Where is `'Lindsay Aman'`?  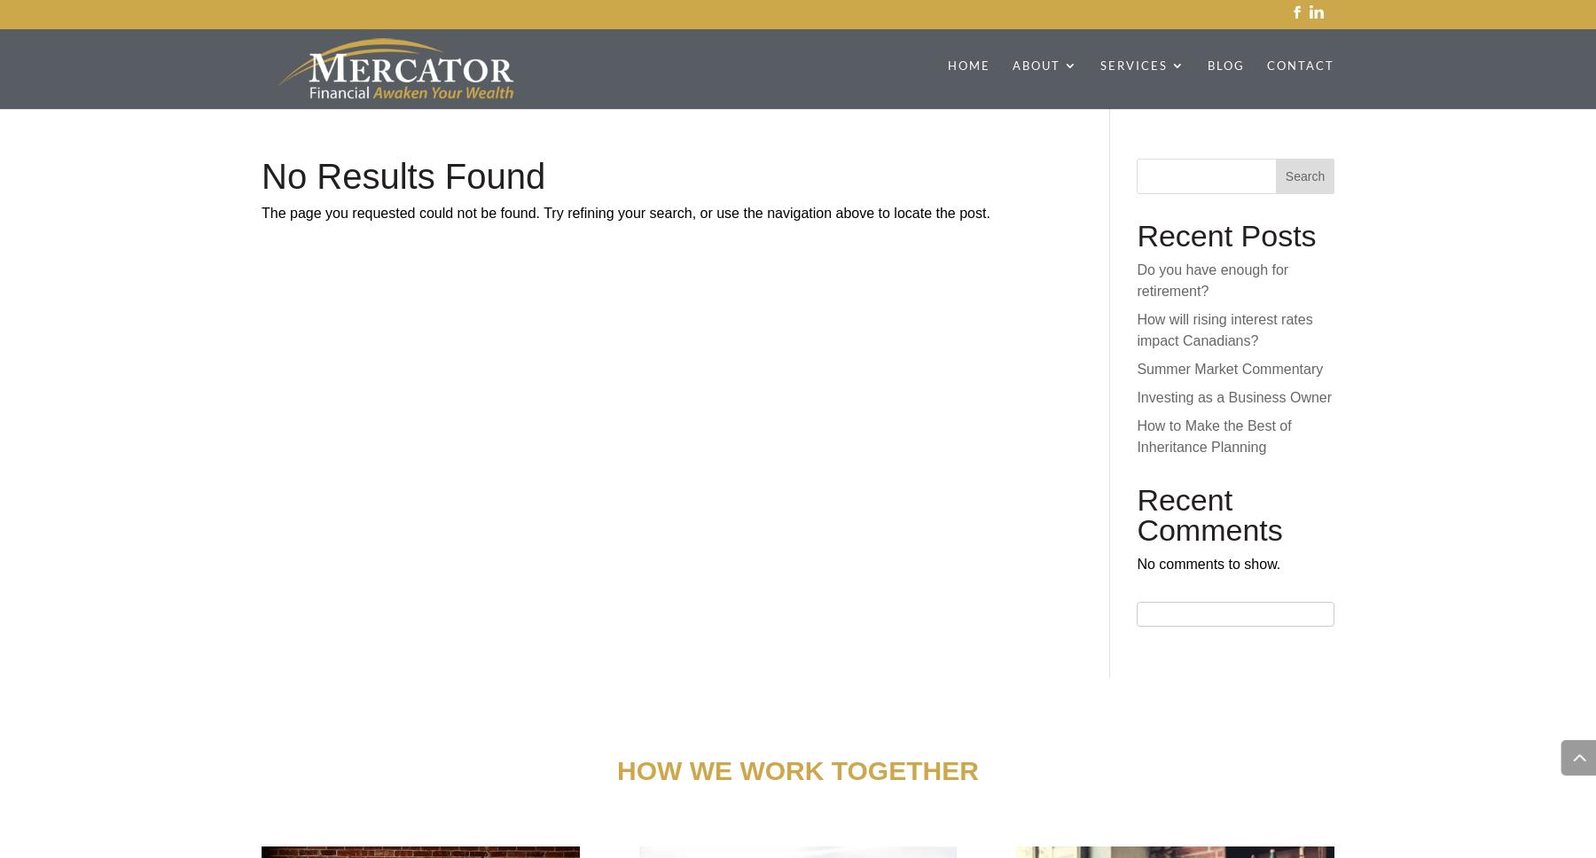
'Lindsay Aman' is located at coordinates (1093, 501).